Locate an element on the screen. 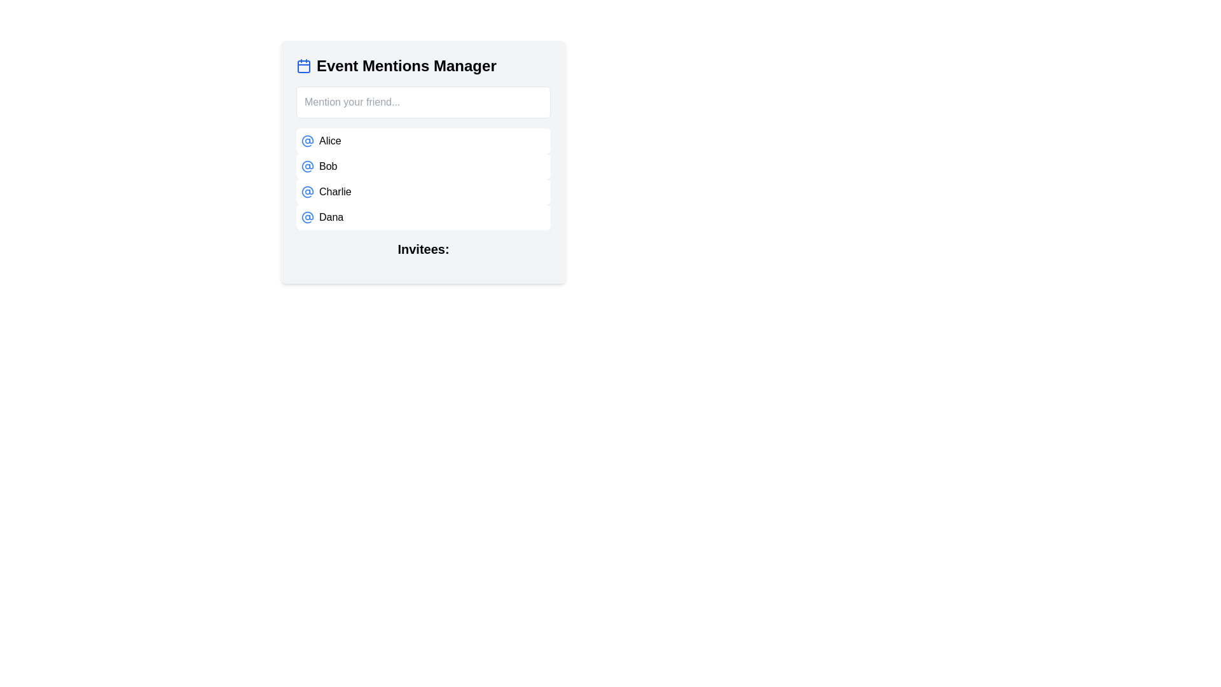  the decorative graphic within the calendar icon located at the top-left corner of the 'Event Mentions Manager' panel, which is a subcomponent with rounded corners is located at coordinates (303, 66).